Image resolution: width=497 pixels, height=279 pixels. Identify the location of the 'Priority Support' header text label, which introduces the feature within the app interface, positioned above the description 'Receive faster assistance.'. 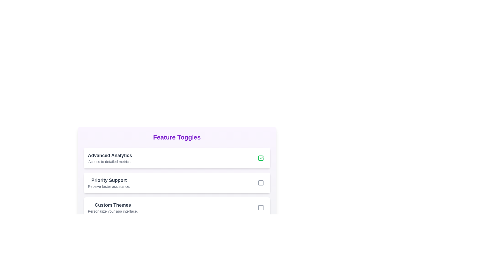
(109, 180).